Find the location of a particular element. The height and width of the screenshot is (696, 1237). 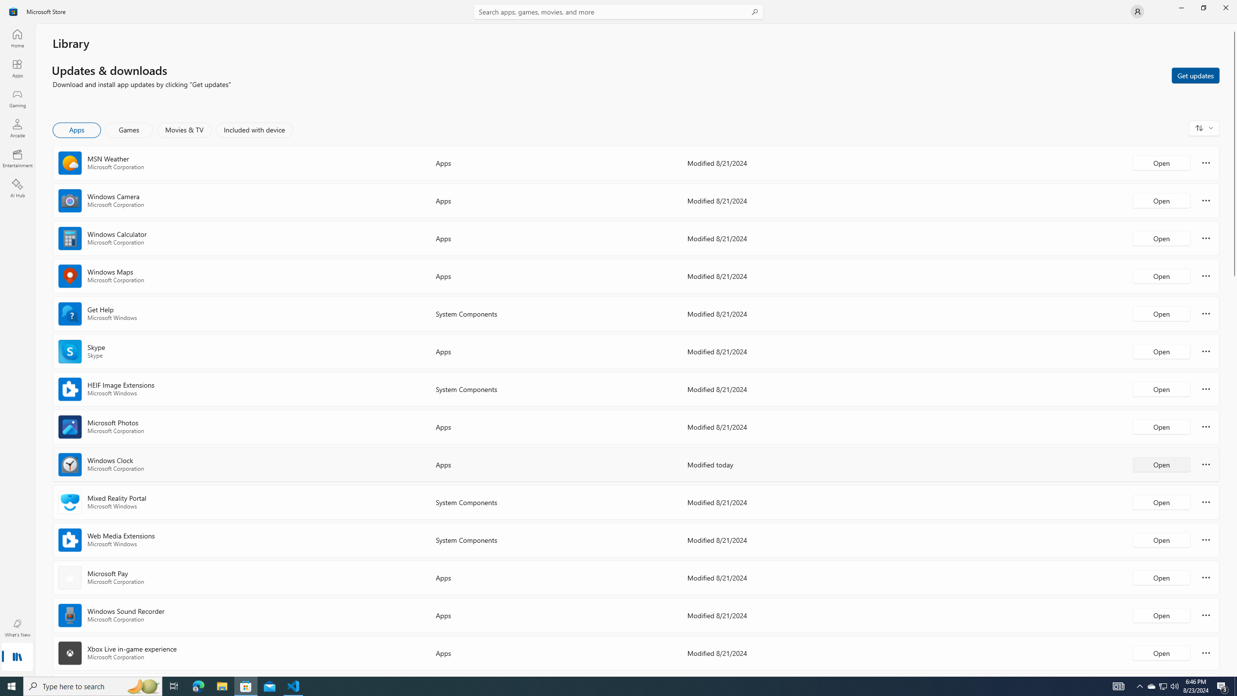

'Movies & TV' is located at coordinates (184, 130).